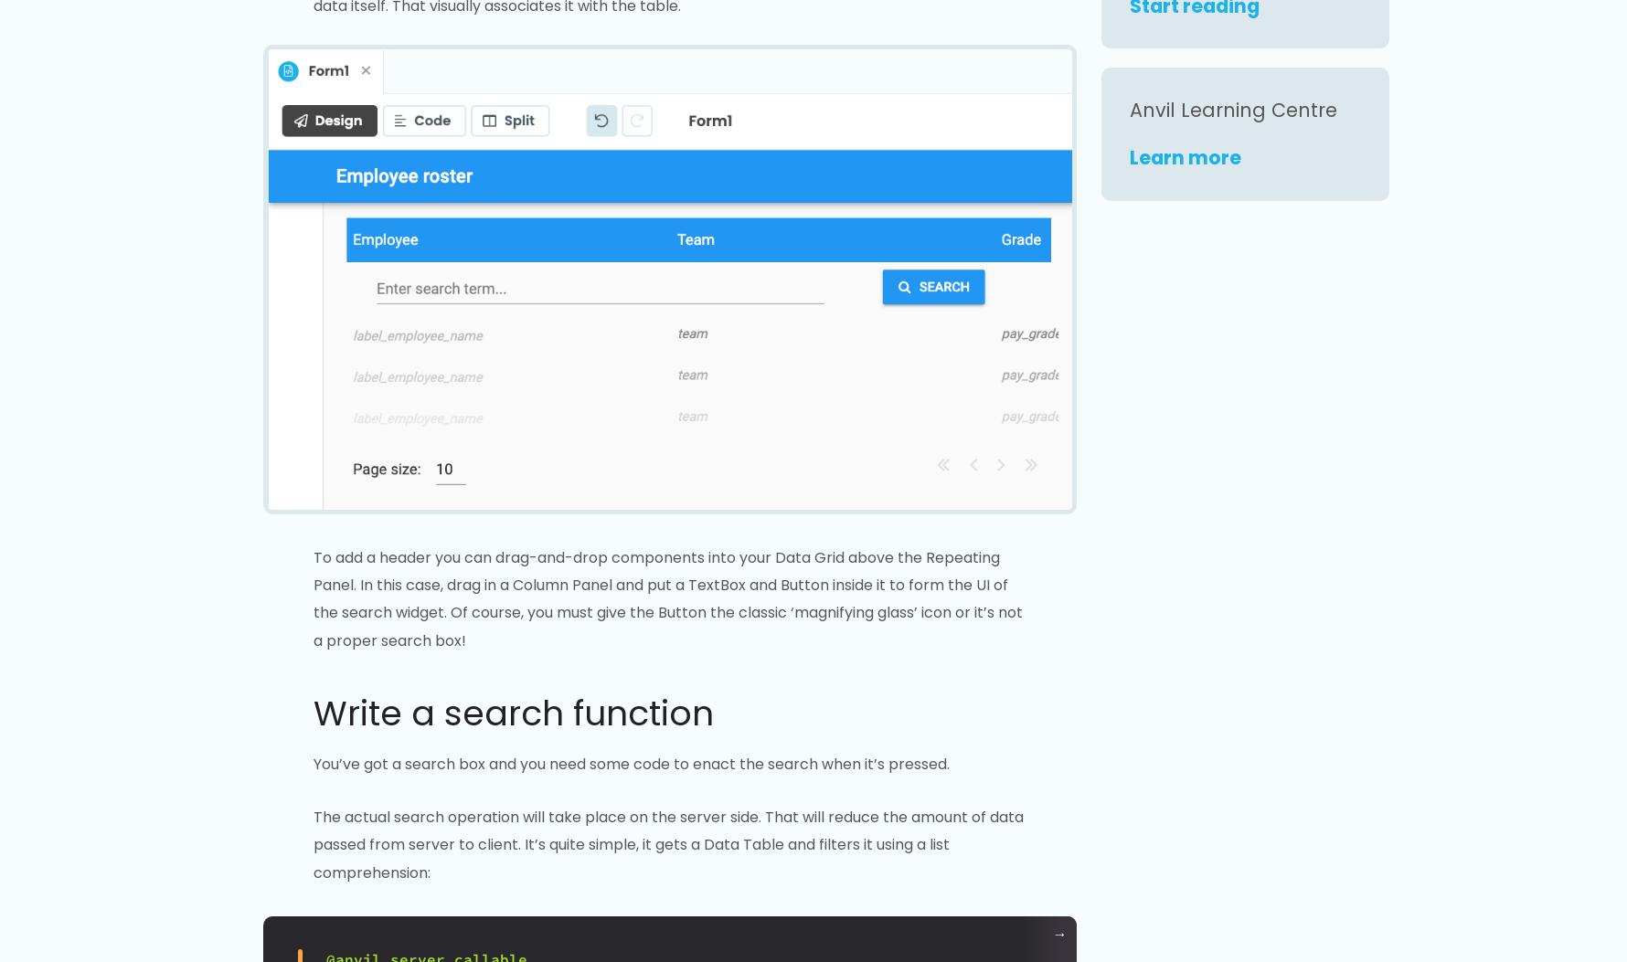 Image resolution: width=1627 pixels, height=962 pixels. What do you see at coordinates (828, 797) in the screenshot?
I see `'Changelog'` at bounding box center [828, 797].